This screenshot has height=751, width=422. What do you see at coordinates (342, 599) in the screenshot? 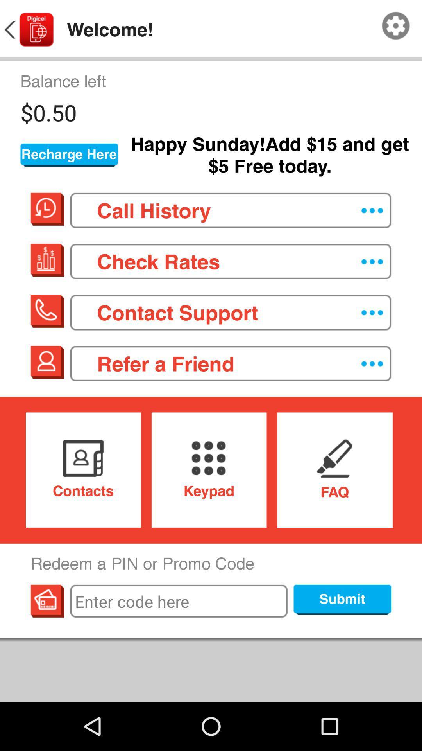
I see `submit button` at bounding box center [342, 599].